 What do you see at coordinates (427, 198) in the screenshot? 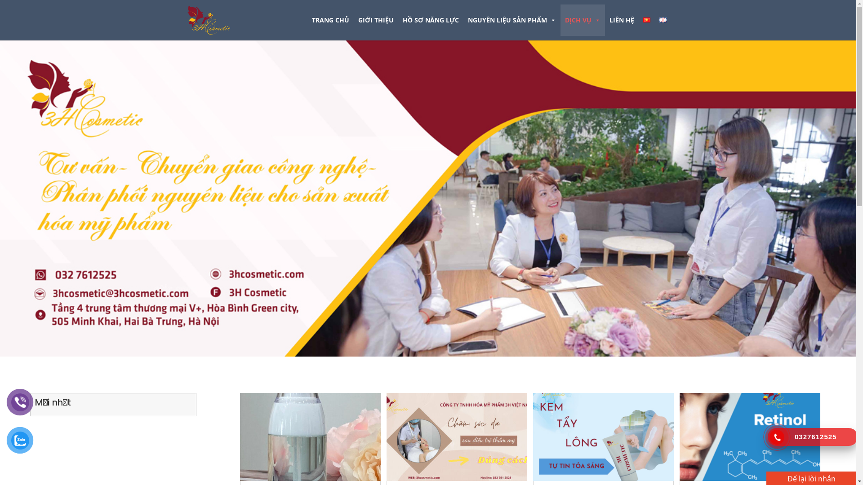
I see `'banner 3h'` at bounding box center [427, 198].